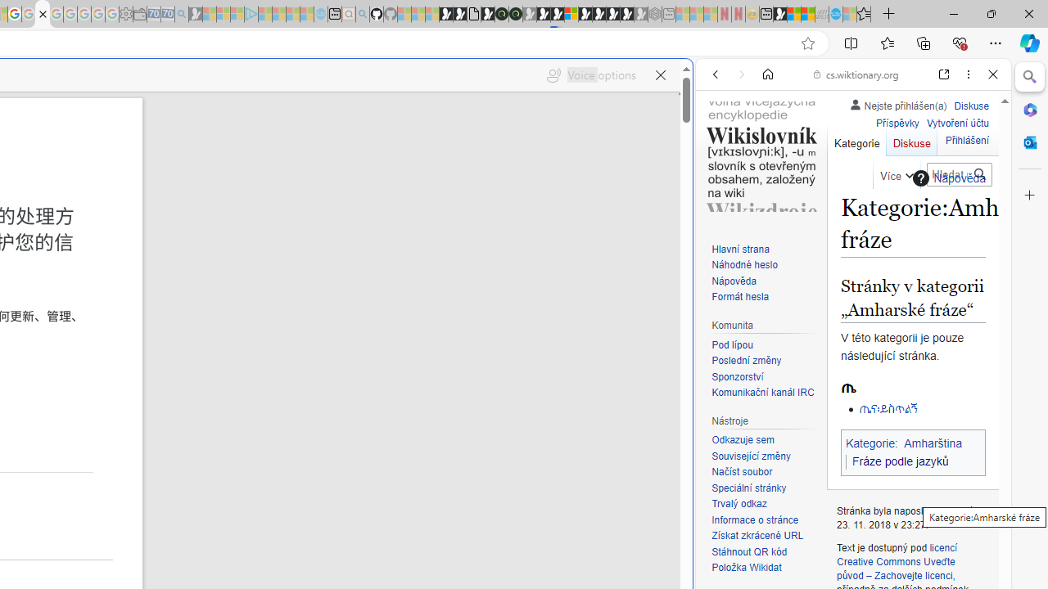 The width and height of the screenshot is (1048, 589). I want to click on 'Microsoft Start Gaming - Sleeping', so click(195, 14).